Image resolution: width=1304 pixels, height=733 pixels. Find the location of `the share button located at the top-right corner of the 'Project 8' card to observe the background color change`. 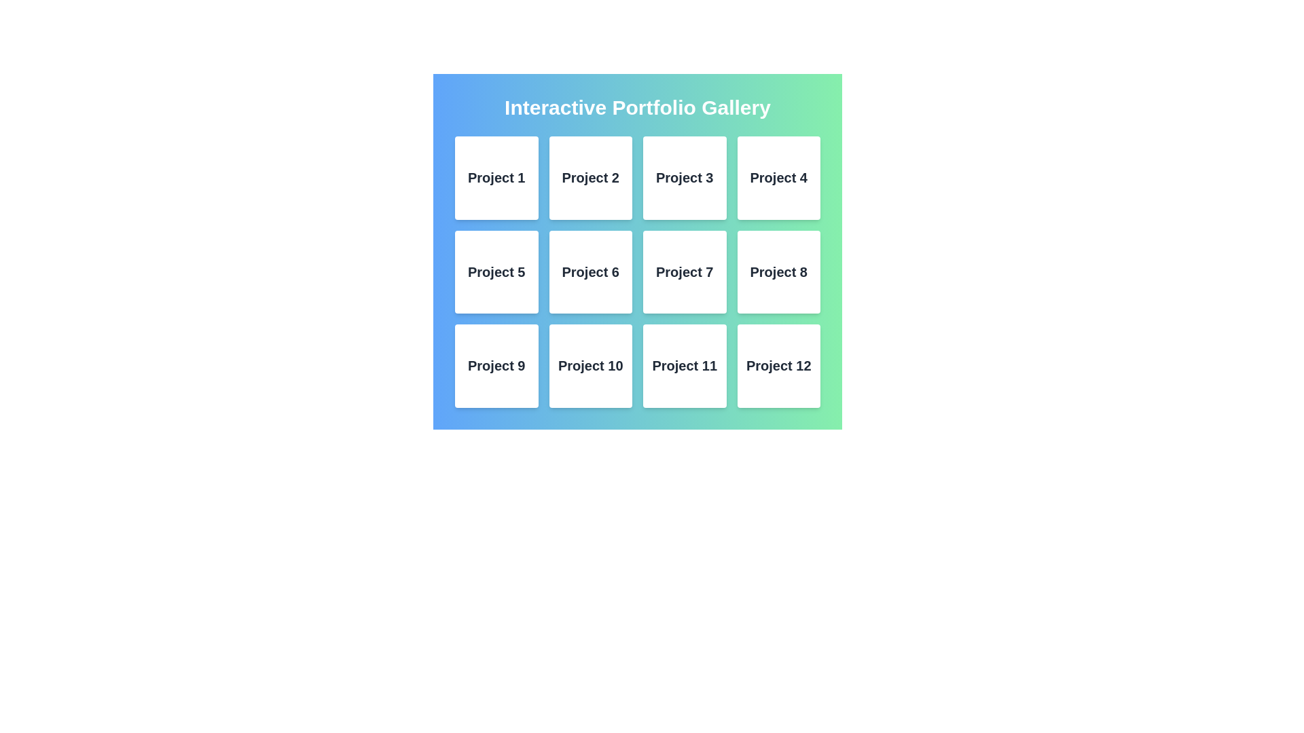

the share button located at the top-right corner of the 'Project 8' card to observe the background color change is located at coordinates (796, 271).